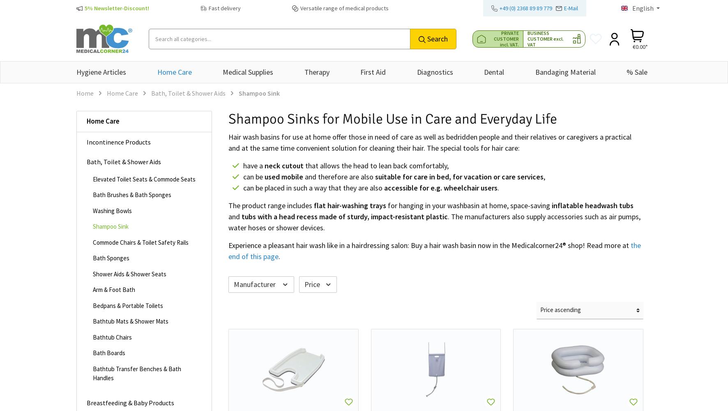  What do you see at coordinates (637, 72) in the screenshot?
I see `'% Sale'` at bounding box center [637, 72].